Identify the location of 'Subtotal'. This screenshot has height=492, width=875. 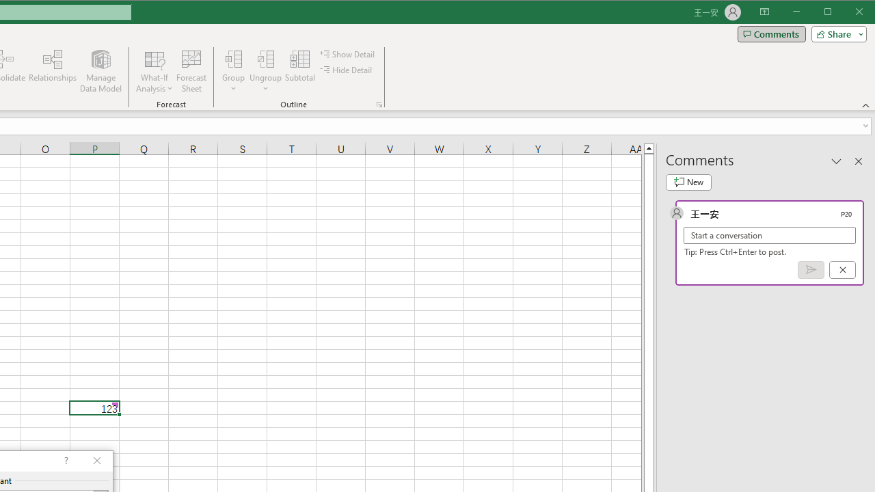
(299, 71).